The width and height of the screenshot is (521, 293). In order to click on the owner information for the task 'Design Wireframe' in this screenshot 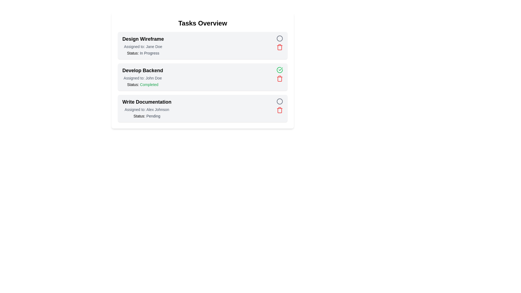, I will do `click(143, 46)`.